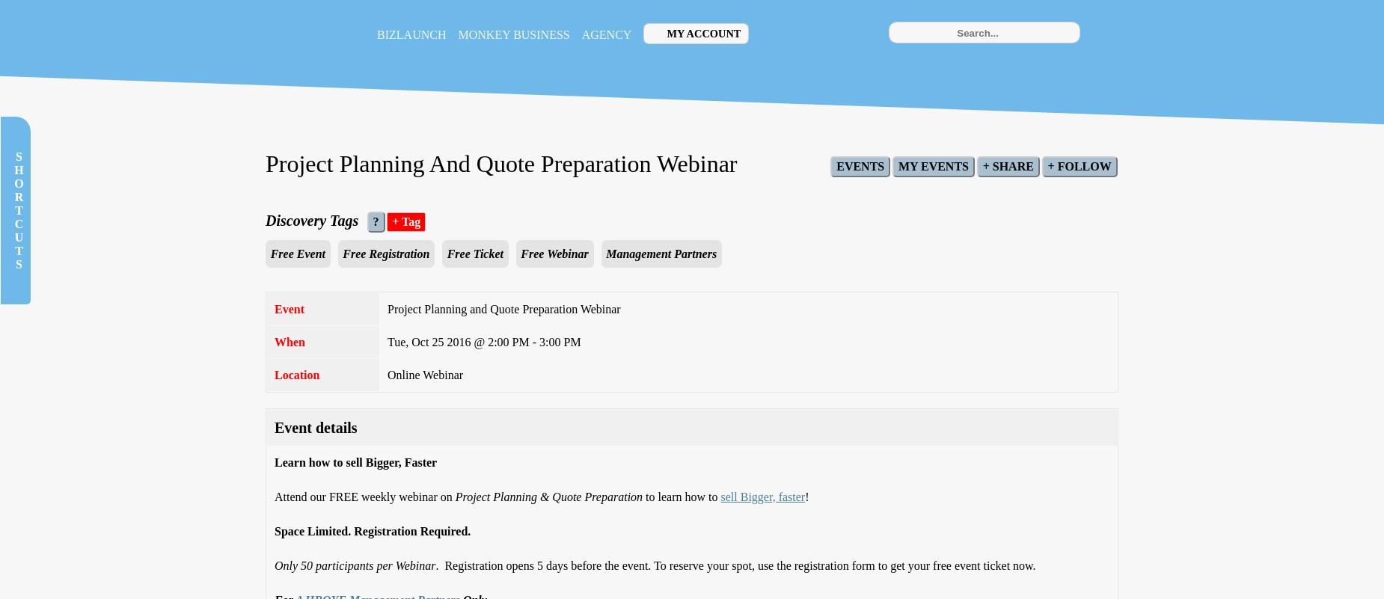  I want to click on '.  Registration opens 5 days before the event. To reserve your spot, use the registration form to get your free event ticket now.', so click(435, 565).